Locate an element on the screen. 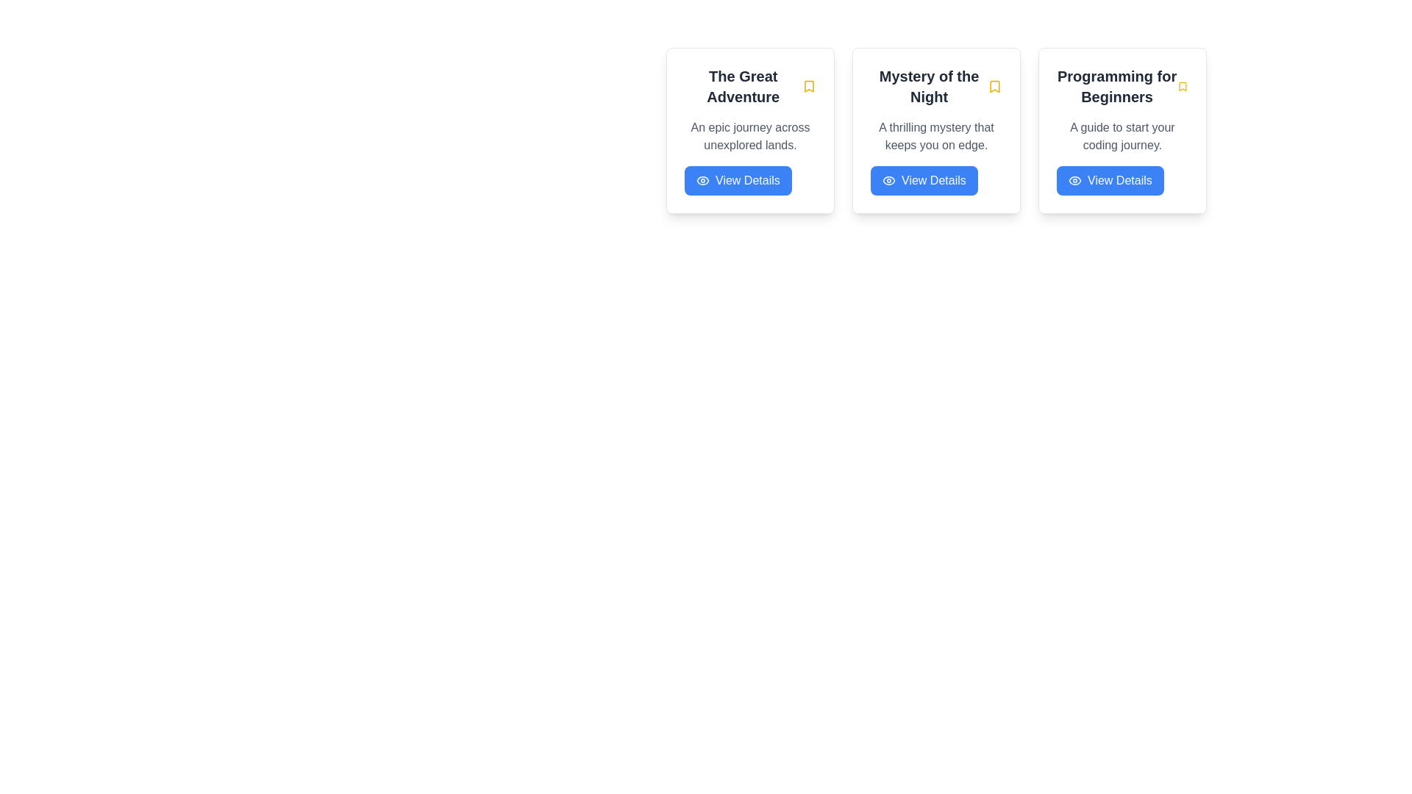 Image resolution: width=1412 pixels, height=794 pixels. the Bookmark icon located at the top-right corner of the 'Programming for Beginners' card is located at coordinates (1183, 87).